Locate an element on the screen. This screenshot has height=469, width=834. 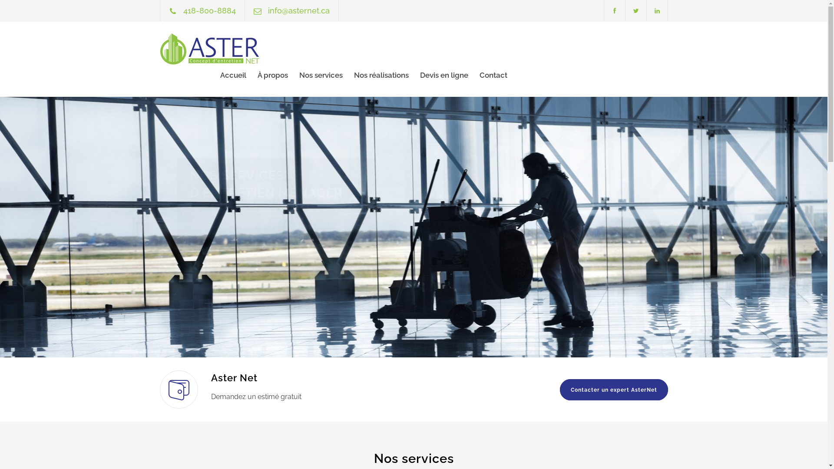
'linkedin' is located at coordinates (657, 10).